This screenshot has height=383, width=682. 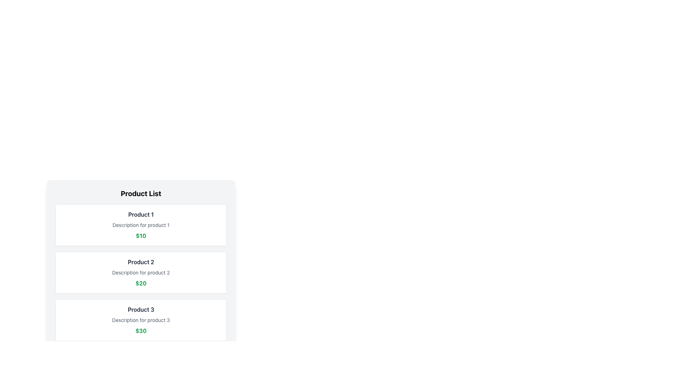 I want to click on the Text Label element displaying the price '$20' in bold green text, so click(x=141, y=283).